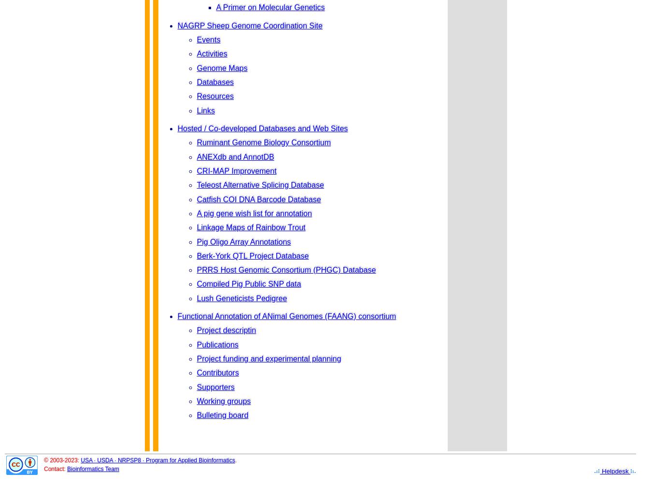 The width and height of the screenshot is (652, 487). I want to click on 'Contact:', so click(56, 469).